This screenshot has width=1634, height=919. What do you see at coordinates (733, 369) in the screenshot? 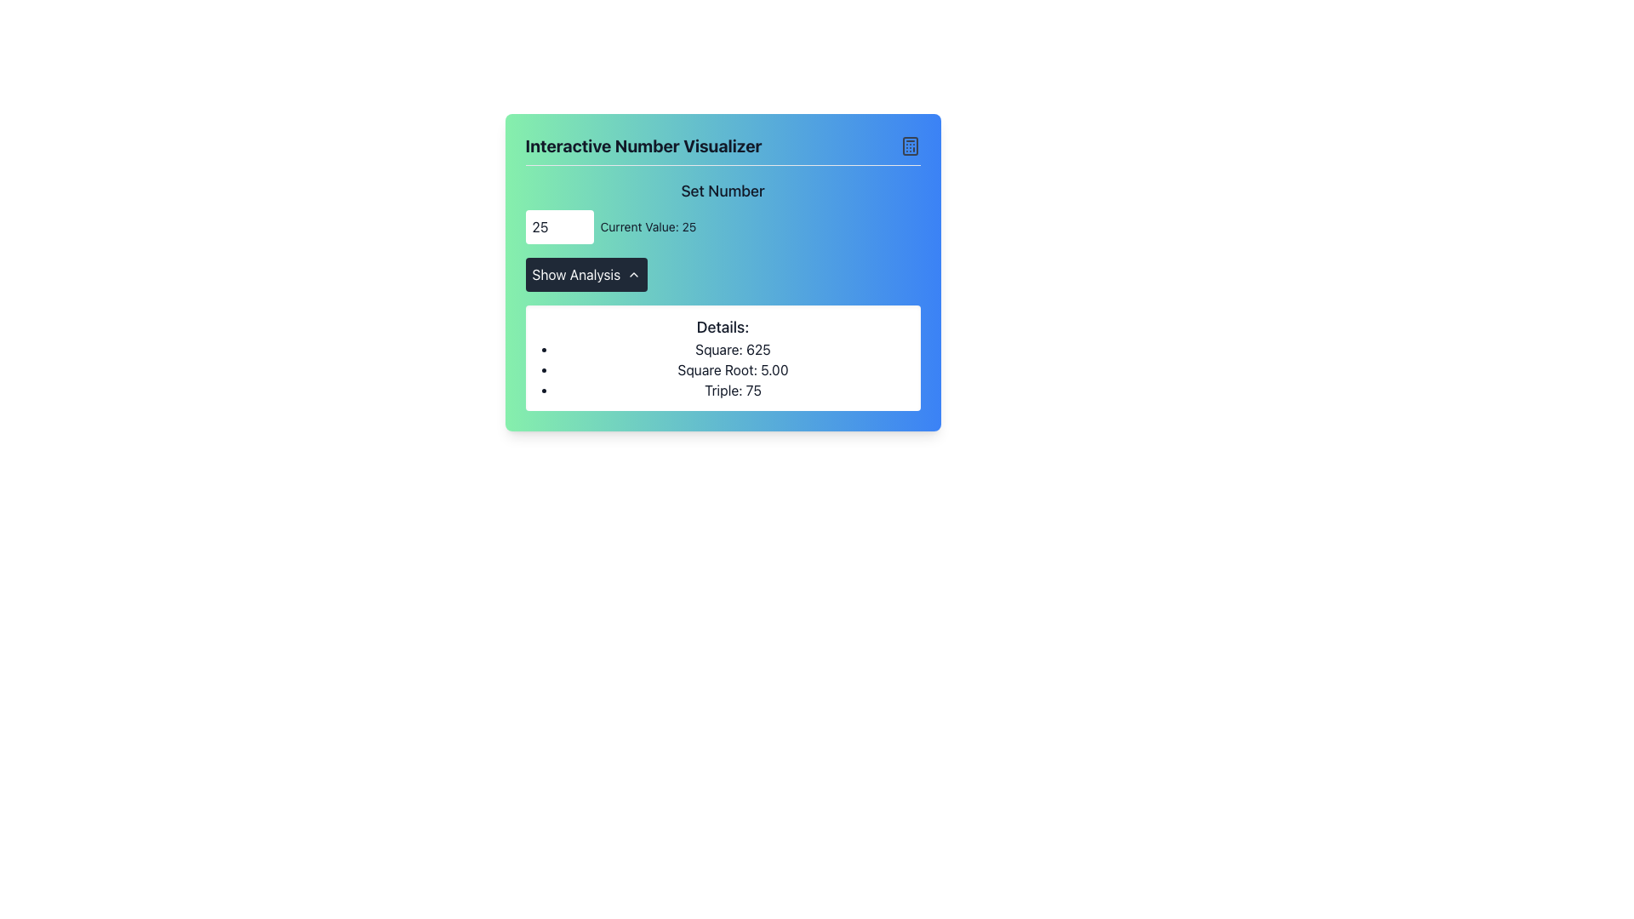
I see `the non-interactive Text Label that displays the square root of the given input, located under the title 'Details' in the white background panel` at bounding box center [733, 369].